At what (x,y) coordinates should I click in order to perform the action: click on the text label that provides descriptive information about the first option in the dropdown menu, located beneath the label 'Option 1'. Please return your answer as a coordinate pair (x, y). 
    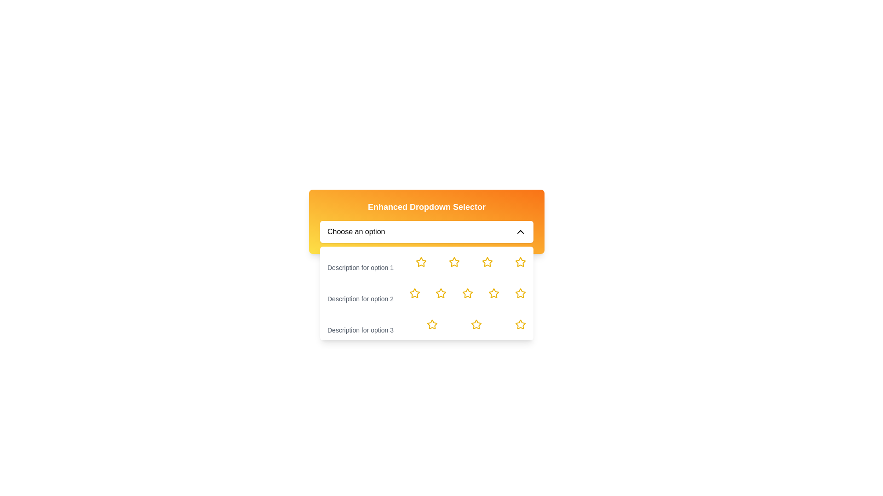
    Looking at the image, I should click on (360, 262).